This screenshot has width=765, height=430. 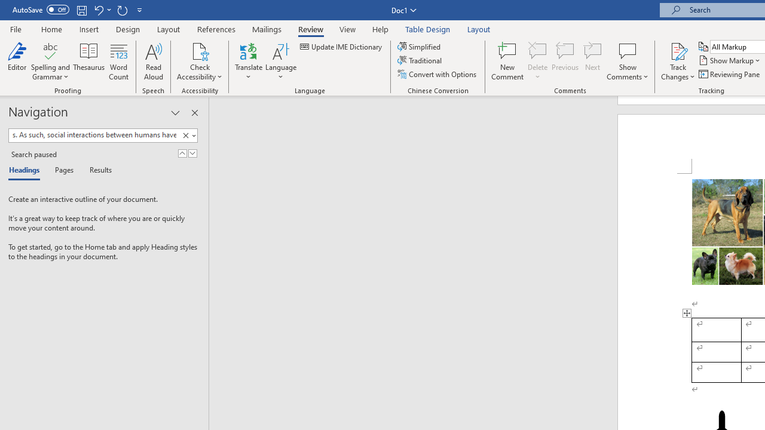 What do you see at coordinates (627, 62) in the screenshot?
I see `'Show Comments'` at bounding box center [627, 62].